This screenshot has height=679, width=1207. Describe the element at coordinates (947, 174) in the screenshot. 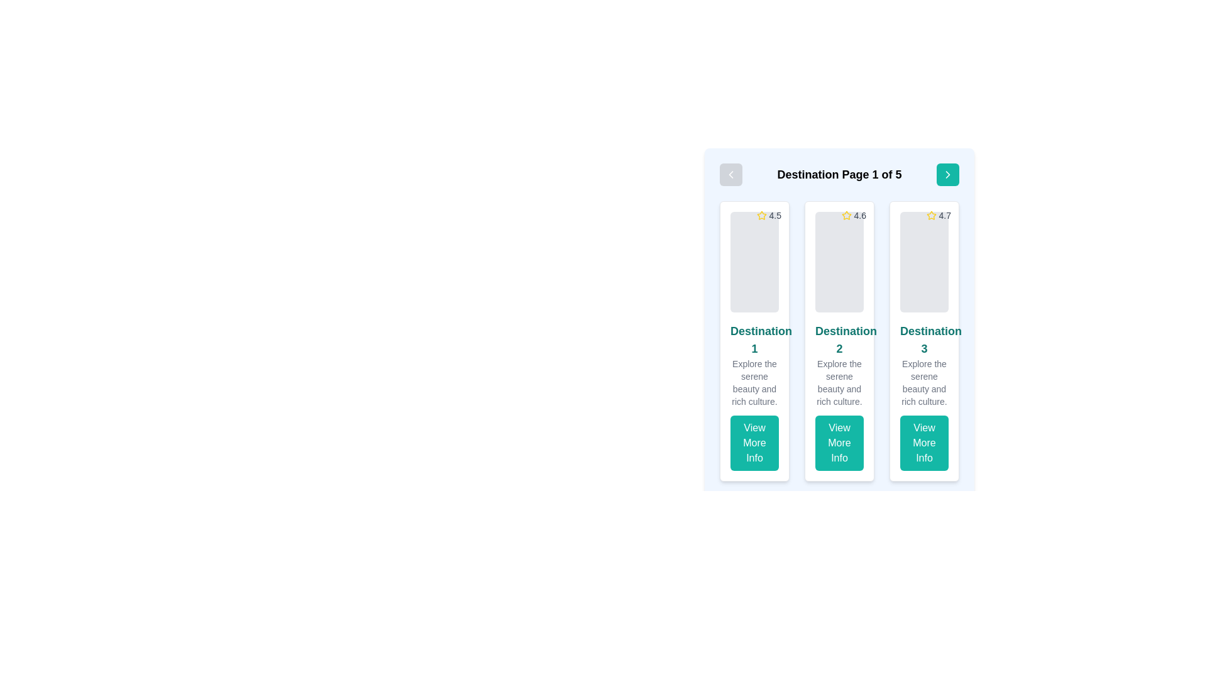

I see `the teal button with white text and a right-pointing chevron icon` at that location.